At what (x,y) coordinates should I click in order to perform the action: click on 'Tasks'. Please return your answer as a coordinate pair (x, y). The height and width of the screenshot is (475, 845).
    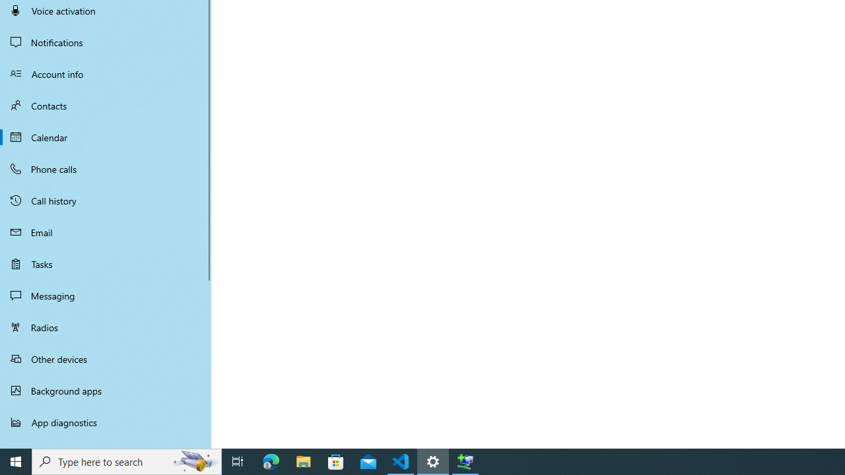
    Looking at the image, I should click on (106, 263).